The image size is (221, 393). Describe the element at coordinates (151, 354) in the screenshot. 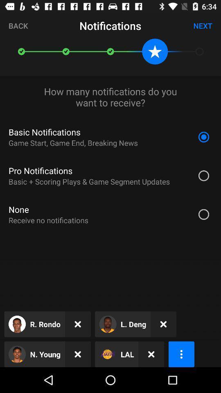

I see `the item next to the lal item` at that location.